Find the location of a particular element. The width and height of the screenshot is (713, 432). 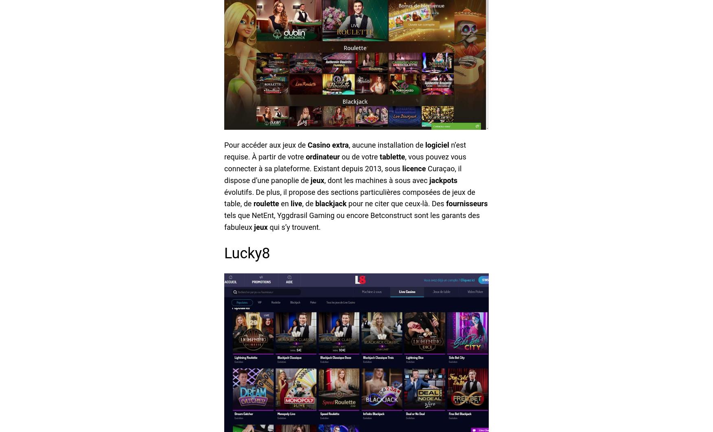

'évolutifs. De plus, il propose des sections particulières composées de jeux de table, de' is located at coordinates (349, 197).